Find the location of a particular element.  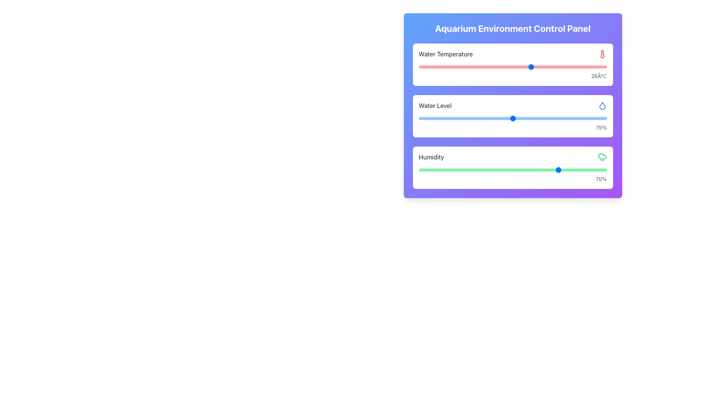

water level is located at coordinates (595, 118).